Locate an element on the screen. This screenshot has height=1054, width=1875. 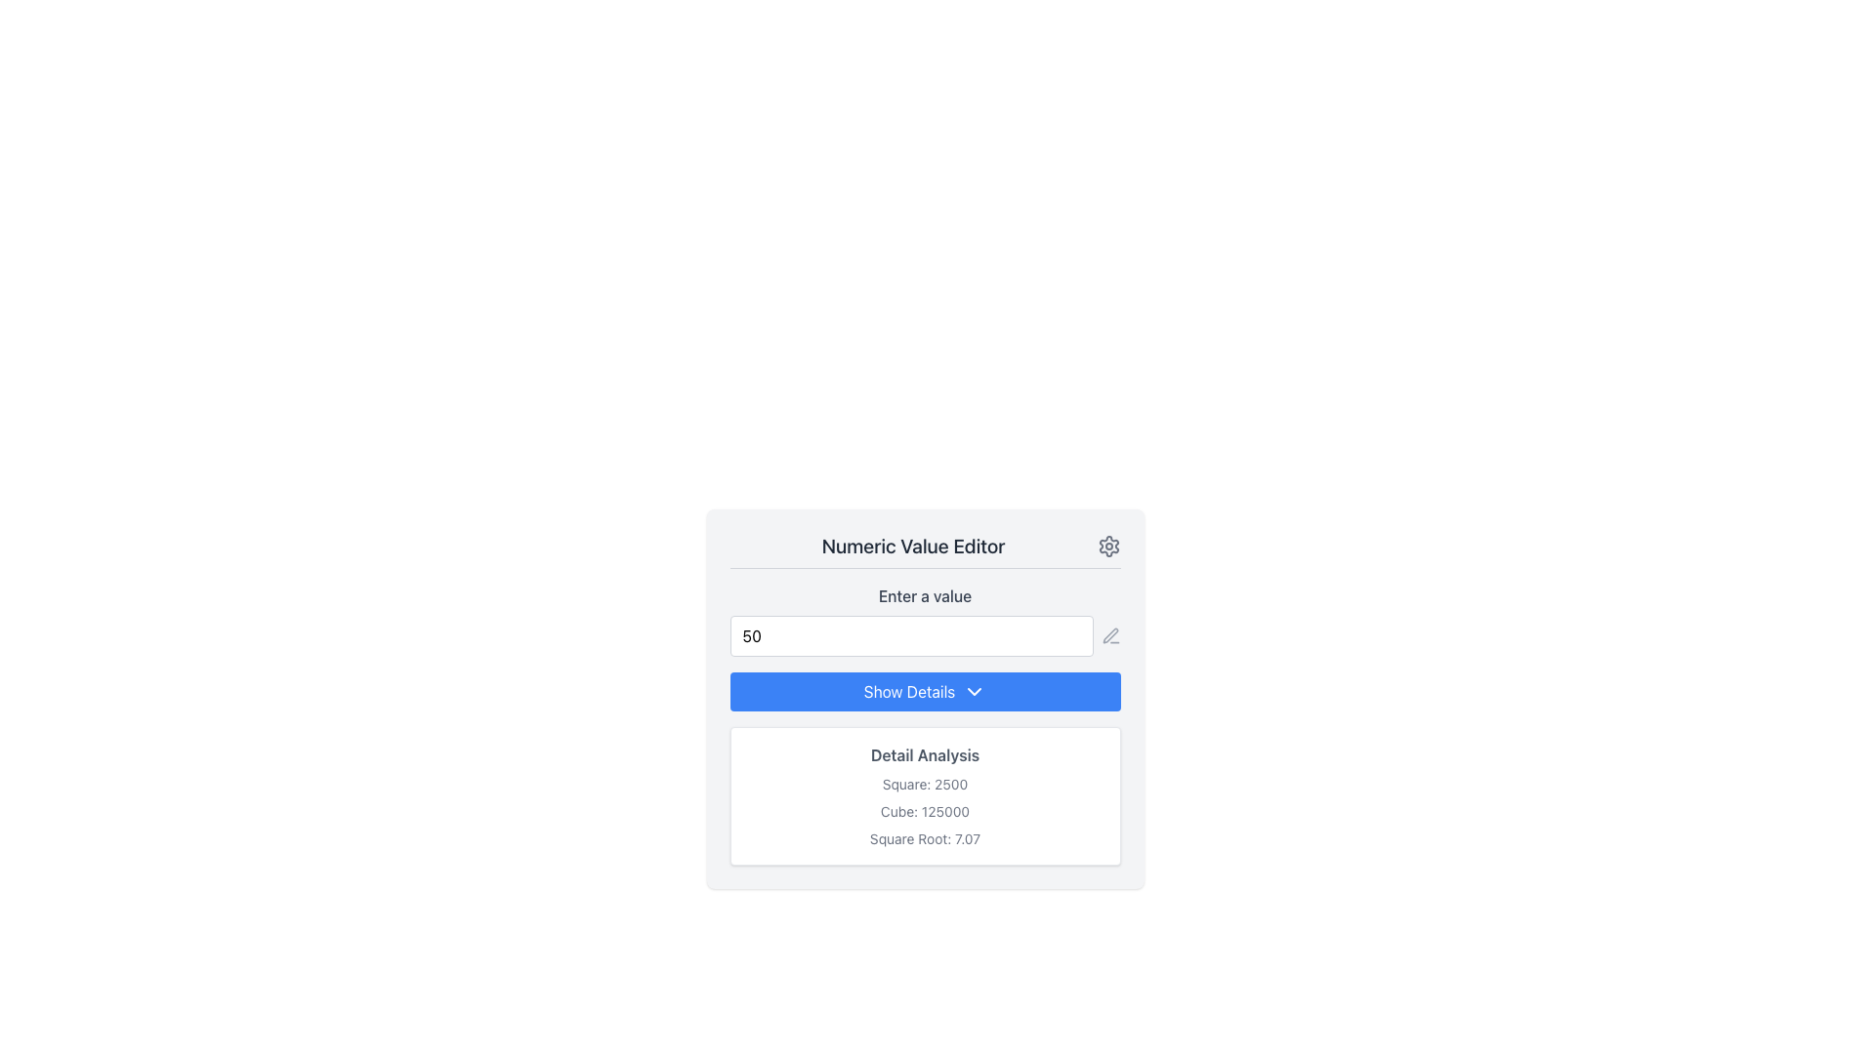
the numeric input field displaying '50' to focus on it is located at coordinates (924, 621).